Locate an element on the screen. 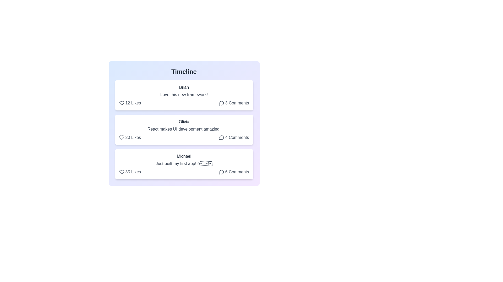  comment button for the post by Michael is located at coordinates (234, 172).